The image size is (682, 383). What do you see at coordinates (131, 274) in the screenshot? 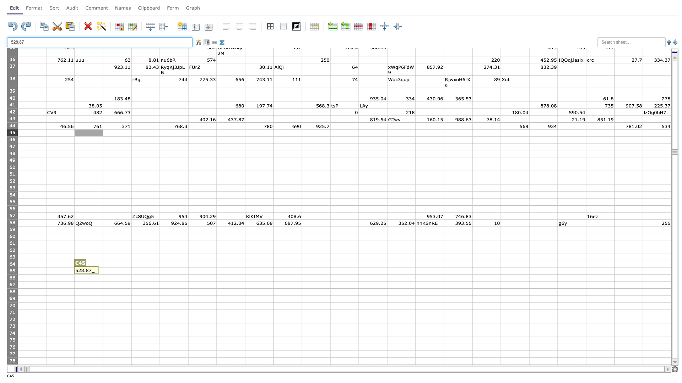
I see `fill handle point of D65` at bounding box center [131, 274].